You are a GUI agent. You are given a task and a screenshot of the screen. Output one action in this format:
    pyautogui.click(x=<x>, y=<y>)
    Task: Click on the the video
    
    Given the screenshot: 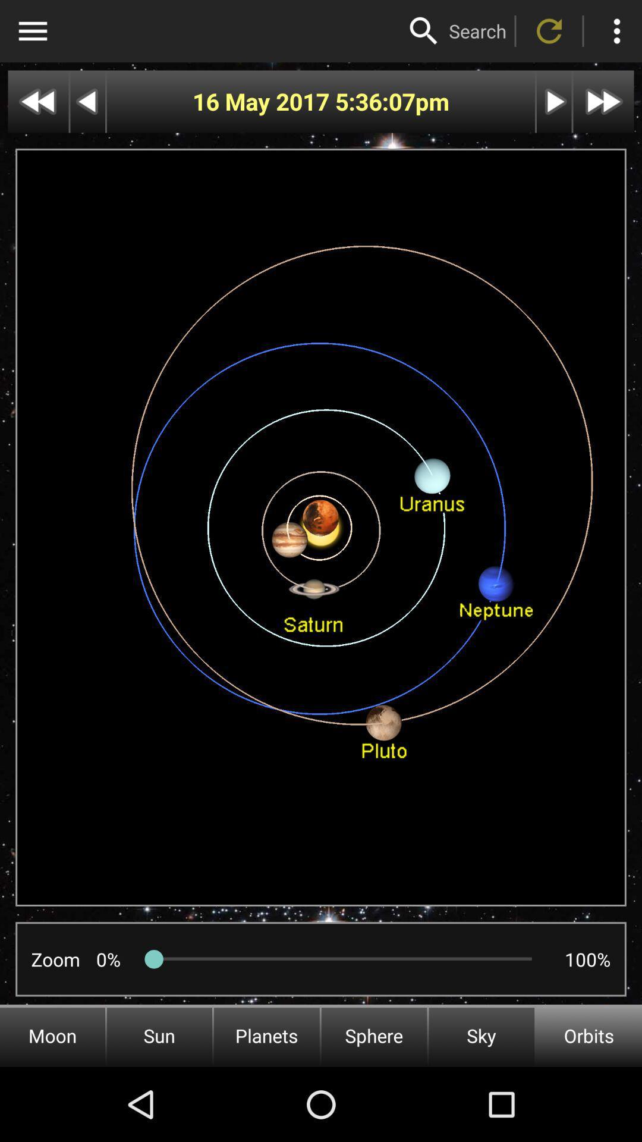 What is the action you would take?
    pyautogui.click(x=554, y=102)
    